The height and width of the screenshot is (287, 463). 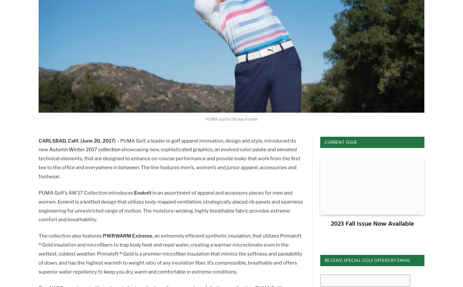 I want to click on 'Evoknit', so click(x=134, y=192).